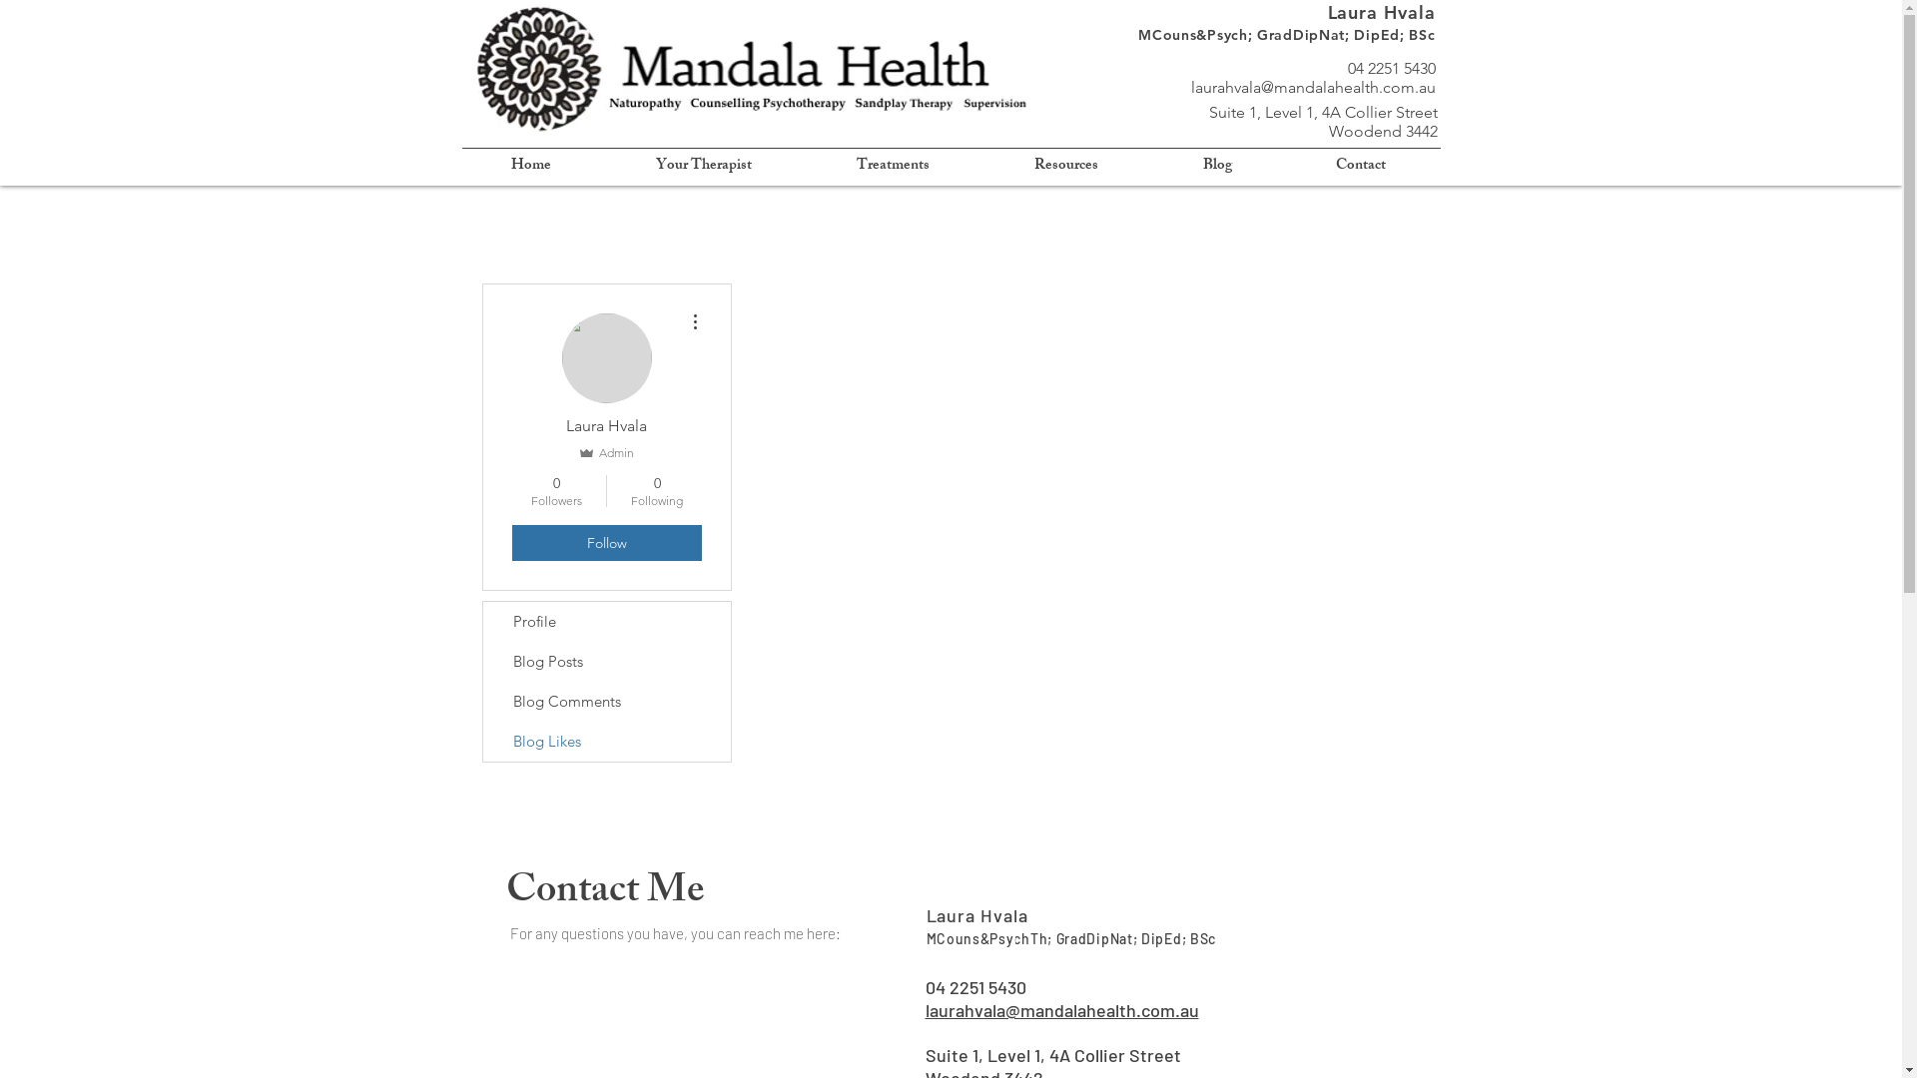 This screenshot has width=1917, height=1078. What do you see at coordinates (1327, 12) in the screenshot?
I see `'Laura Hvala'` at bounding box center [1327, 12].